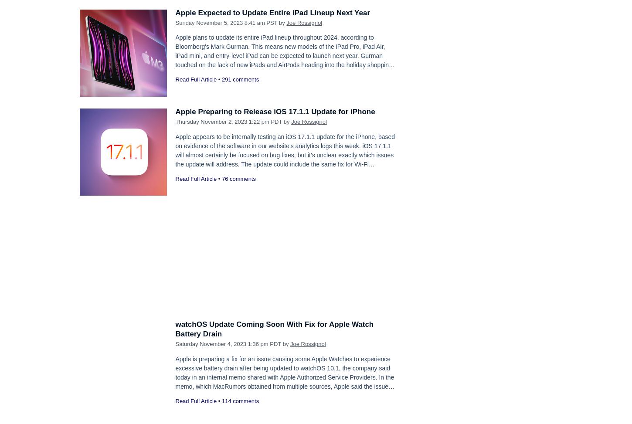 The width and height of the screenshot is (632, 424). What do you see at coordinates (272, 12) in the screenshot?
I see `'Apple Expected to Update Entire iPad Lineup Next Year'` at bounding box center [272, 12].